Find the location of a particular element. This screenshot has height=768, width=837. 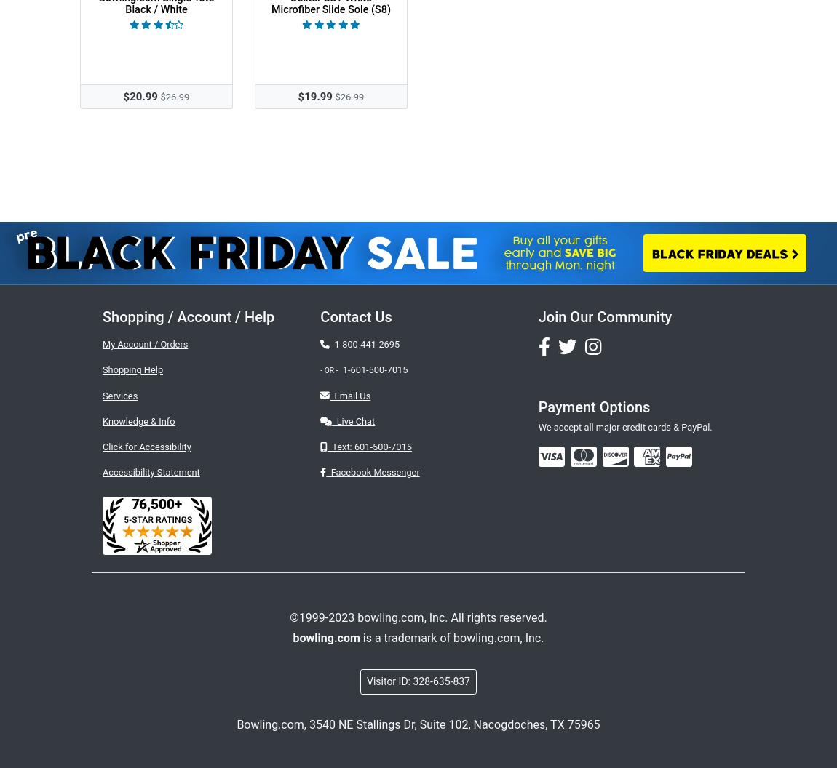

'$20.99' is located at coordinates (139, 96).